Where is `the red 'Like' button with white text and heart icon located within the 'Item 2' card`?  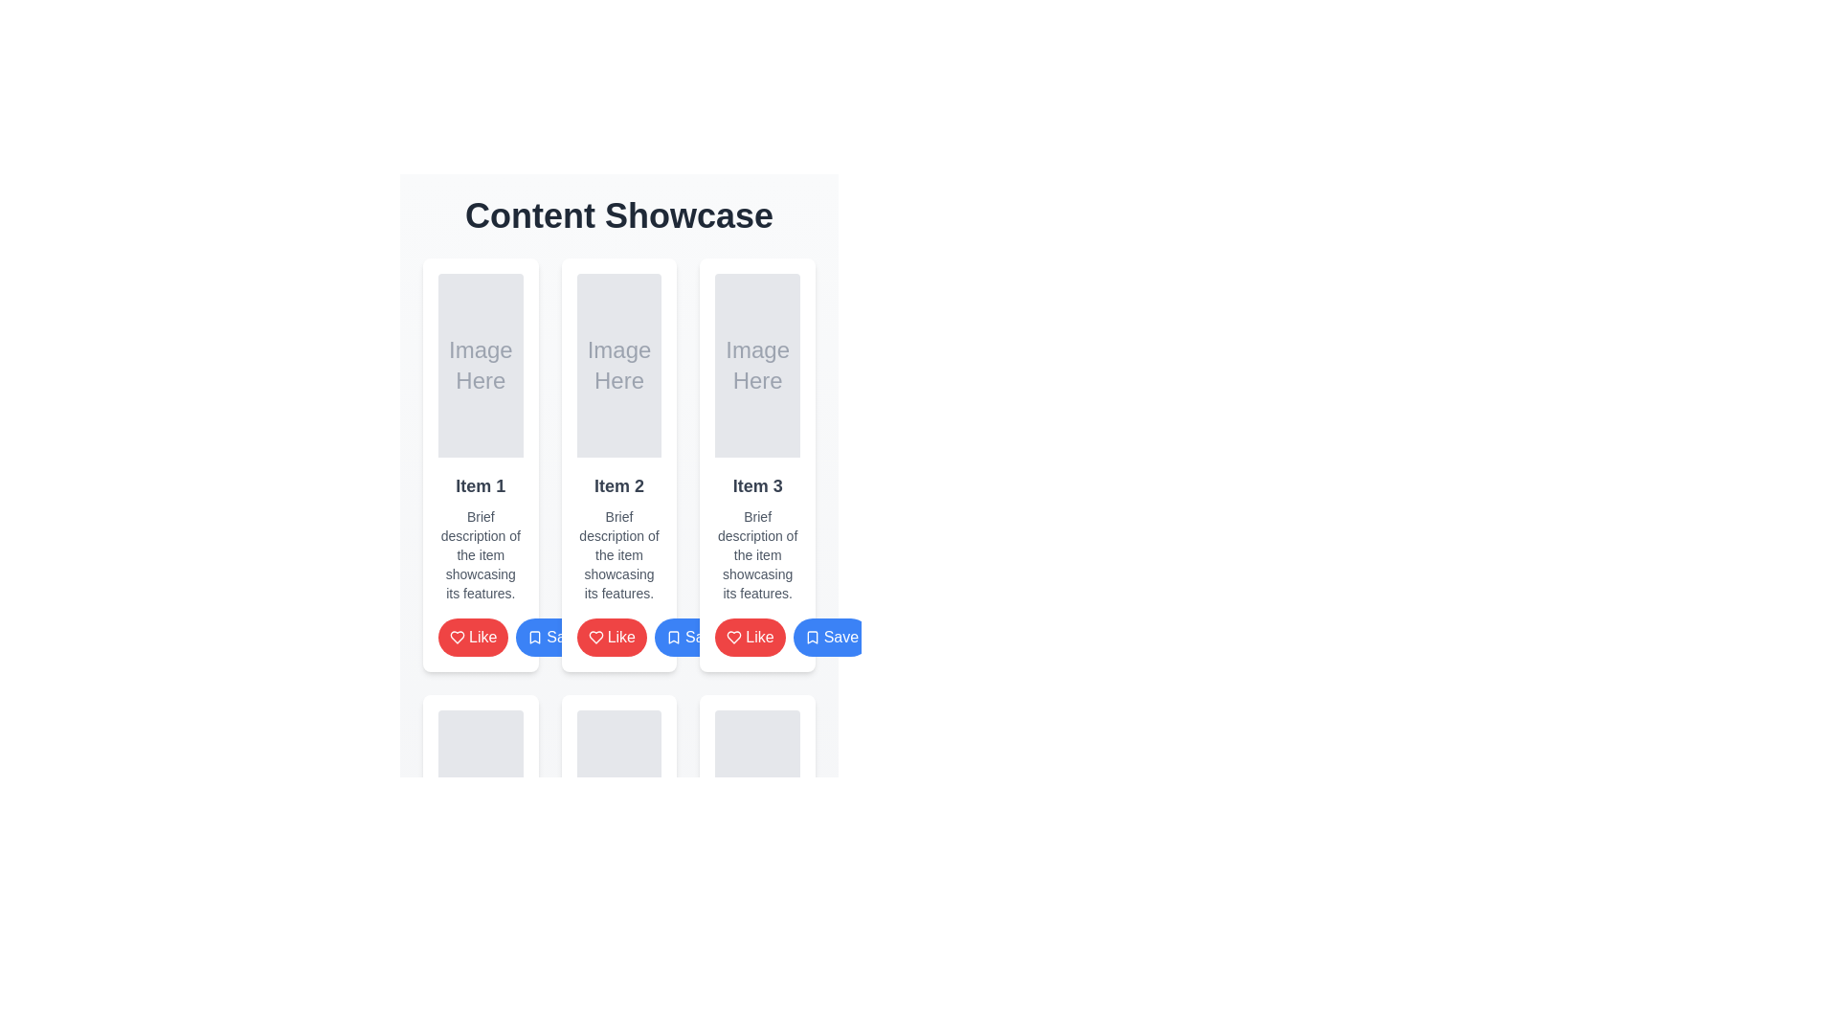
the red 'Like' button with white text and heart icon located within the 'Item 2' card is located at coordinates (619, 638).